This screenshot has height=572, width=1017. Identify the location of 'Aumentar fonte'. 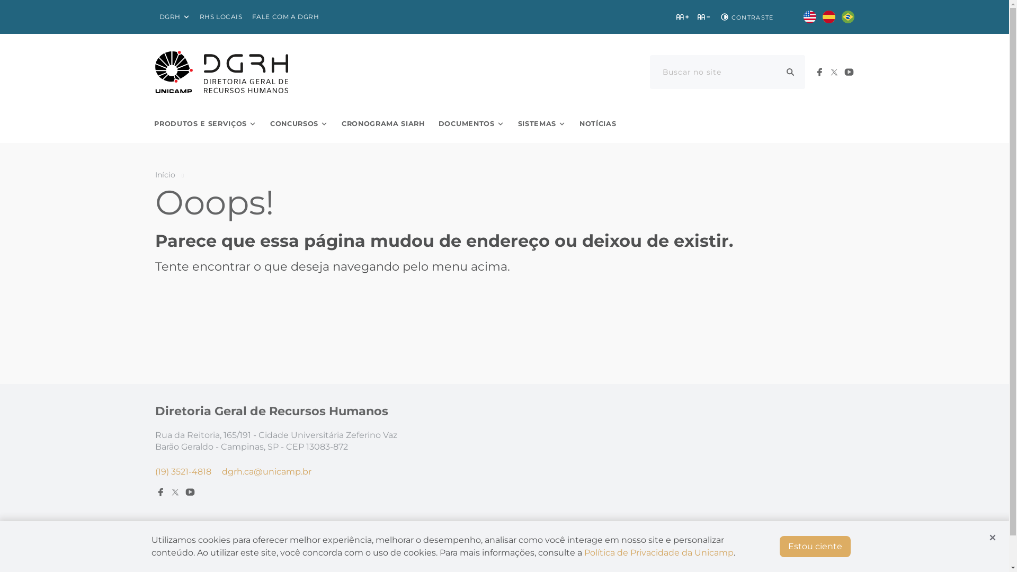
(682, 16).